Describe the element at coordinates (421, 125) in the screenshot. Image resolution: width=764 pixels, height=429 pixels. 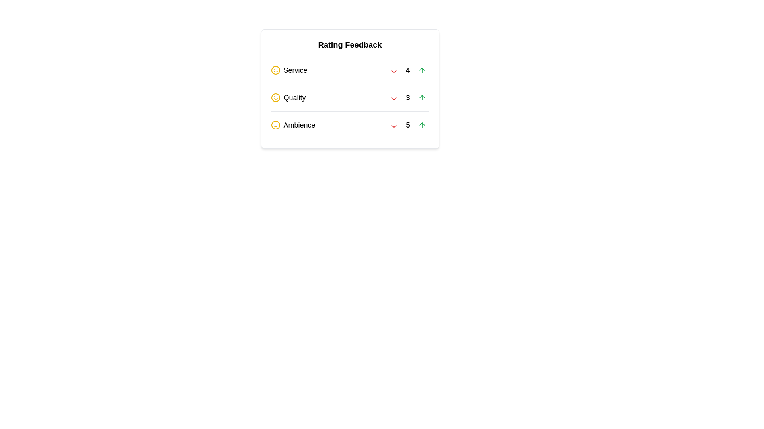
I see `the green arrow button located to the right of the number '5' near the text 'Ambience' to interact with it` at that location.